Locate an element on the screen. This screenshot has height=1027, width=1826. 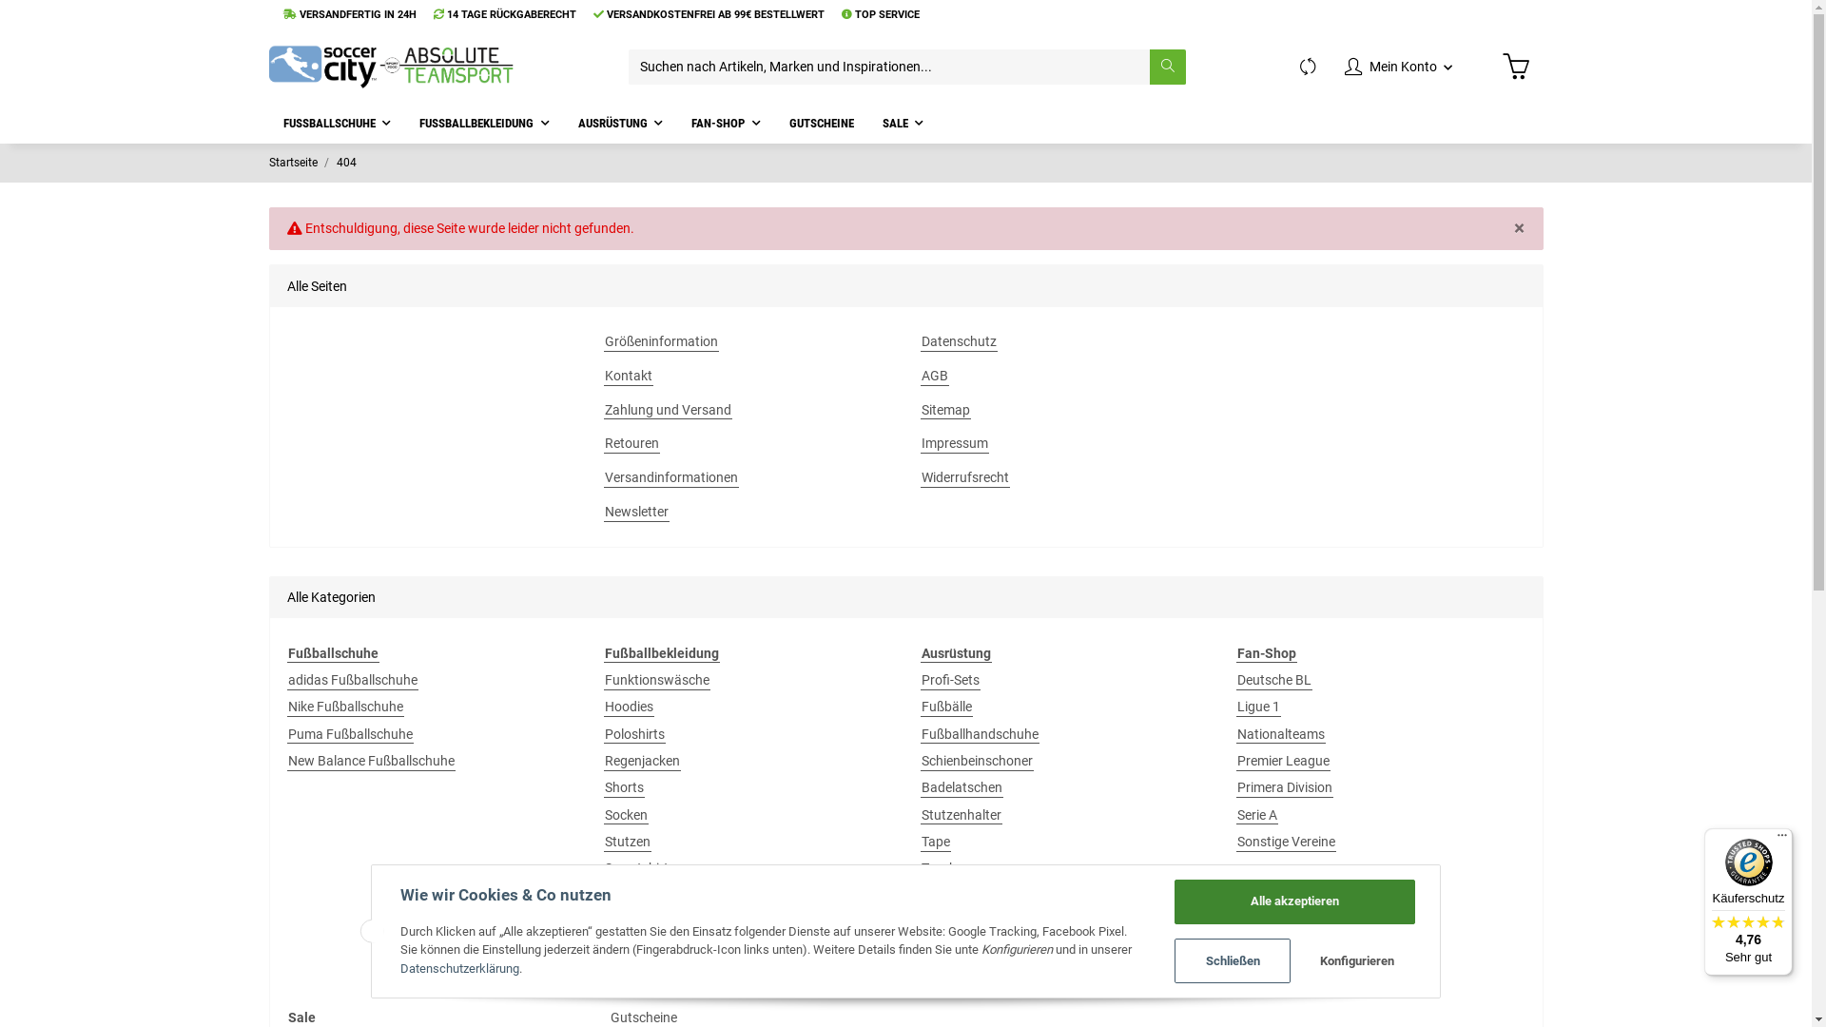
'FAN-SHOP' is located at coordinates (725, 124).